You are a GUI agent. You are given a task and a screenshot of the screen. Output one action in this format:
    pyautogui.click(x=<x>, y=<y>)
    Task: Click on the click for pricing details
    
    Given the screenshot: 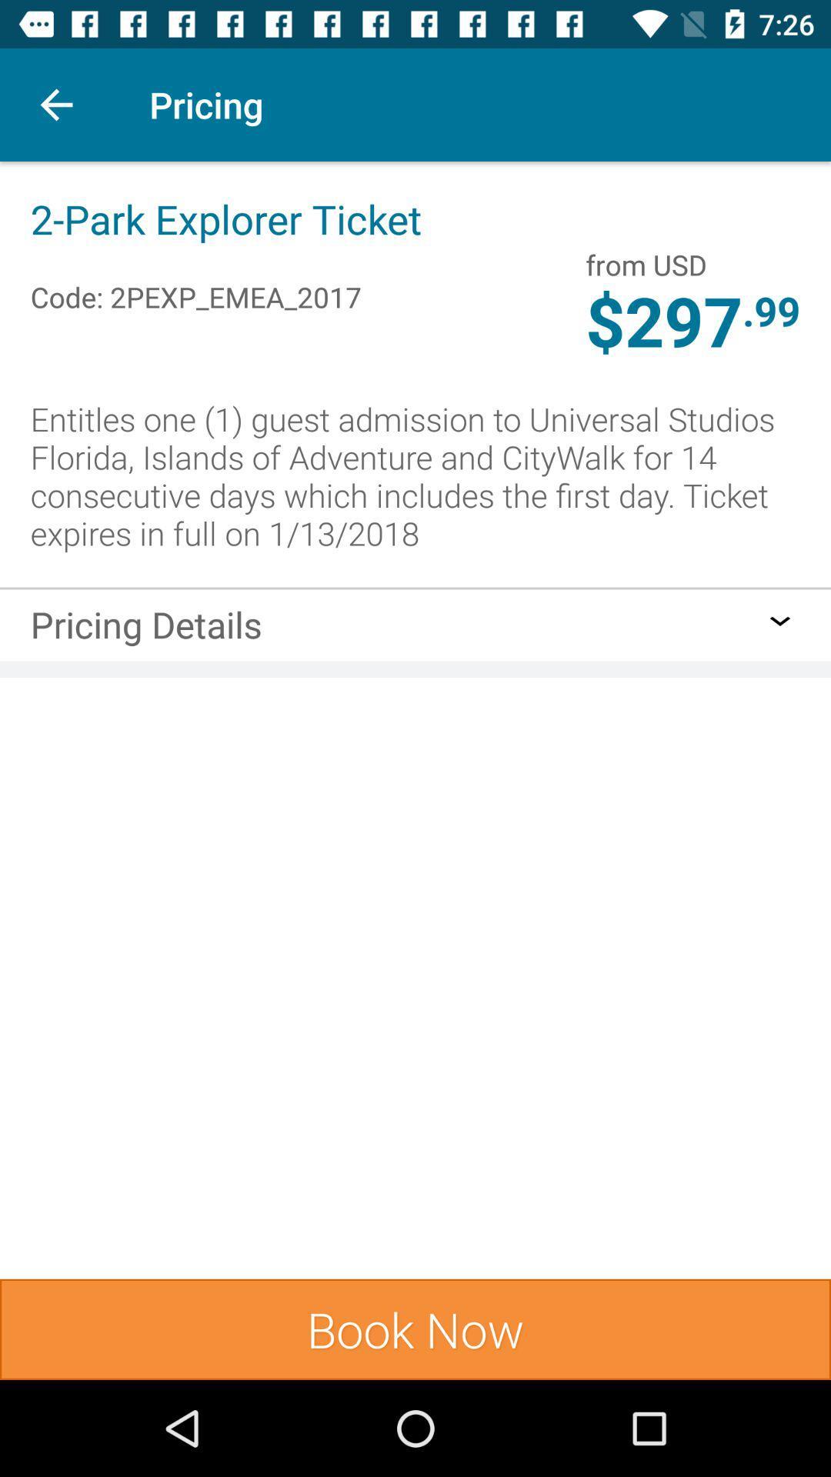 What is the action you would take?
    pyautogui.click(x=780, y=621)
    